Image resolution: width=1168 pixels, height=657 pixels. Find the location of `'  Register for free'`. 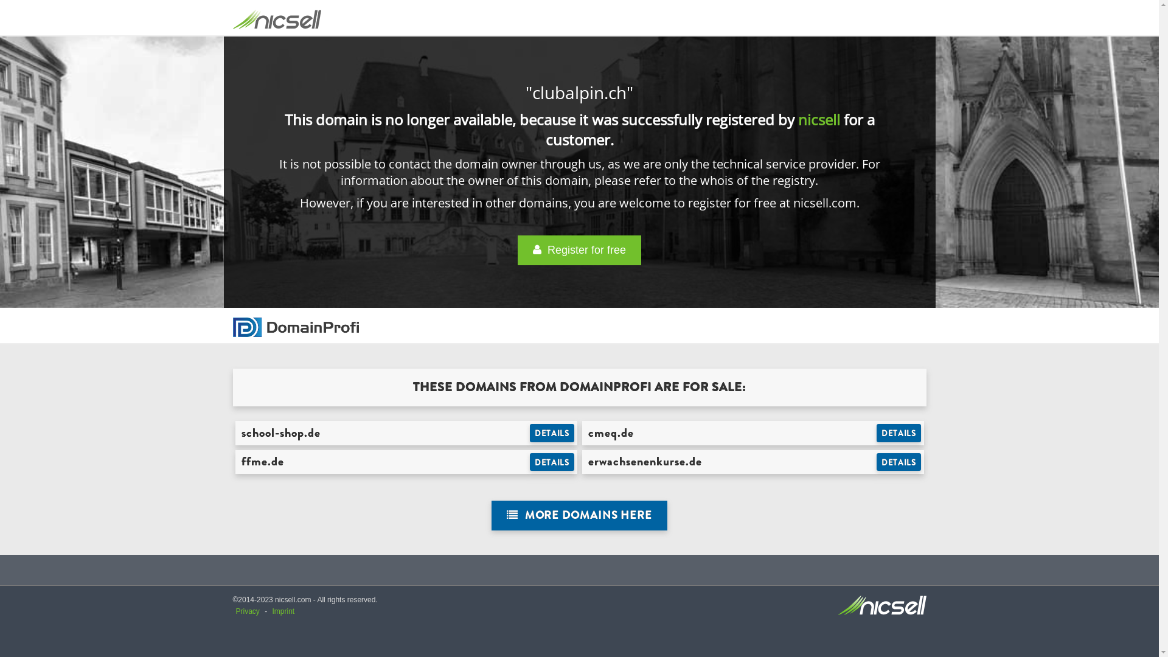

'  Register for free' is located at coordinates (579, 249).